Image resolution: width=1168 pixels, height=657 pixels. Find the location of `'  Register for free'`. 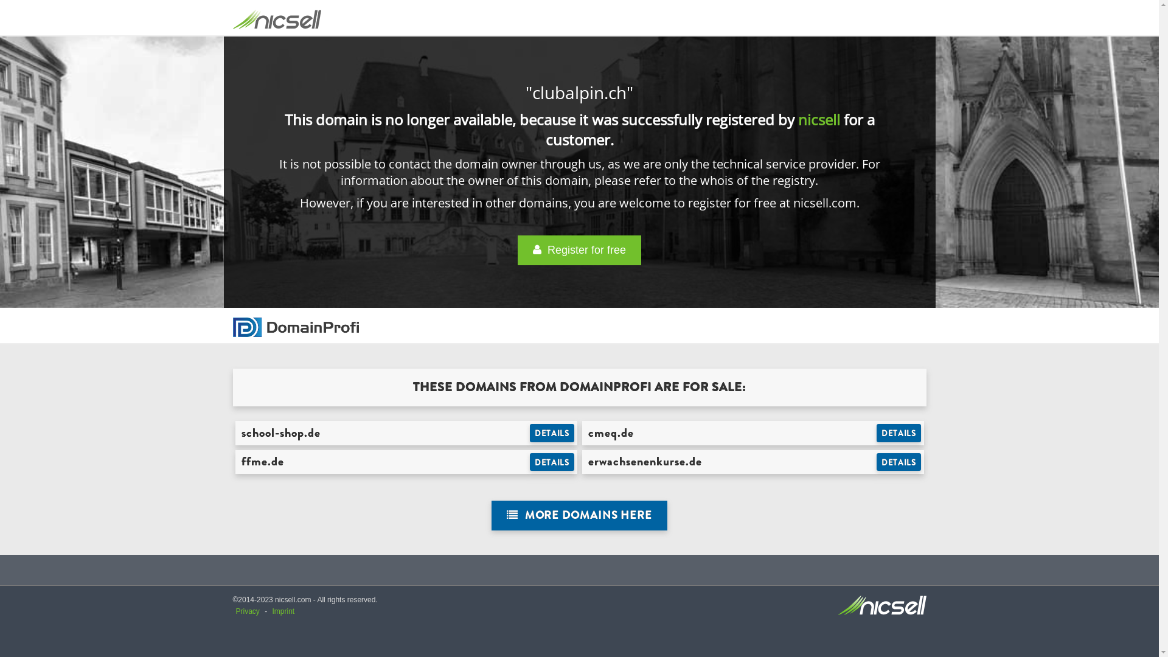

'  Register for free' is located at coordinates (579, 249).